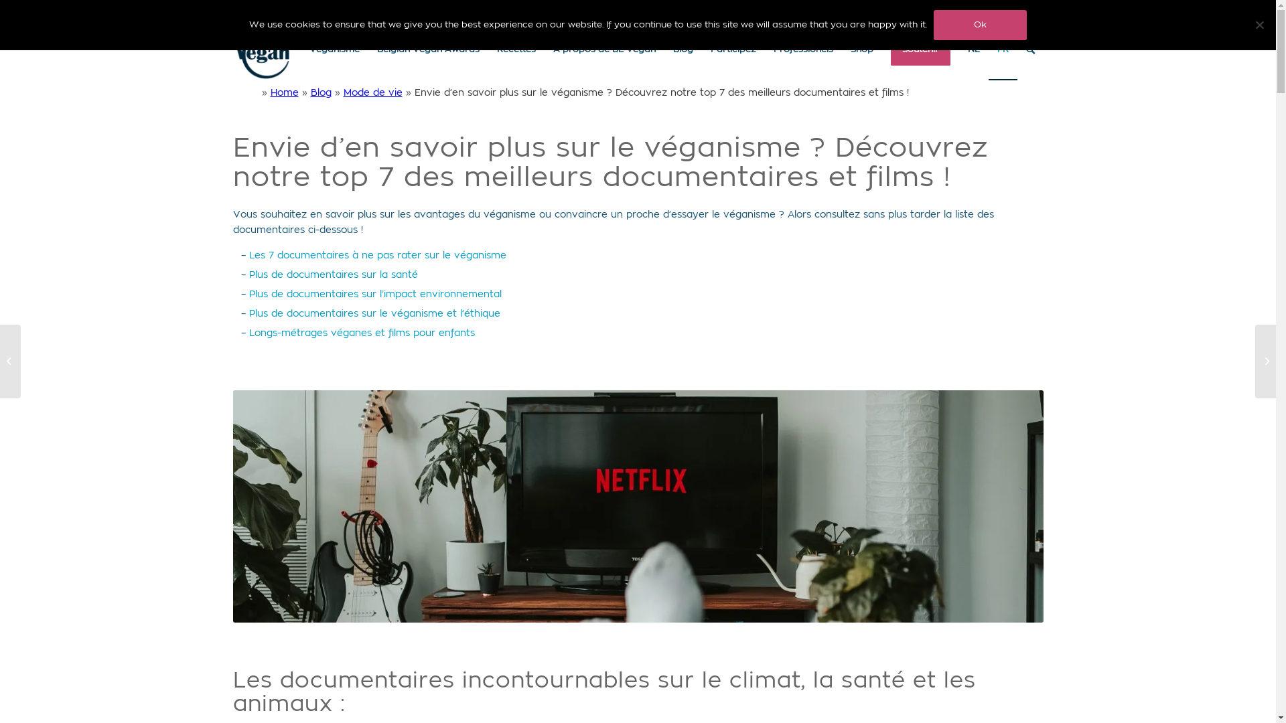 This screenshot has height=723, width=1286. Describe the element at coordinates (1003, 49) in the screenshot. I see `'FR'` at that location.